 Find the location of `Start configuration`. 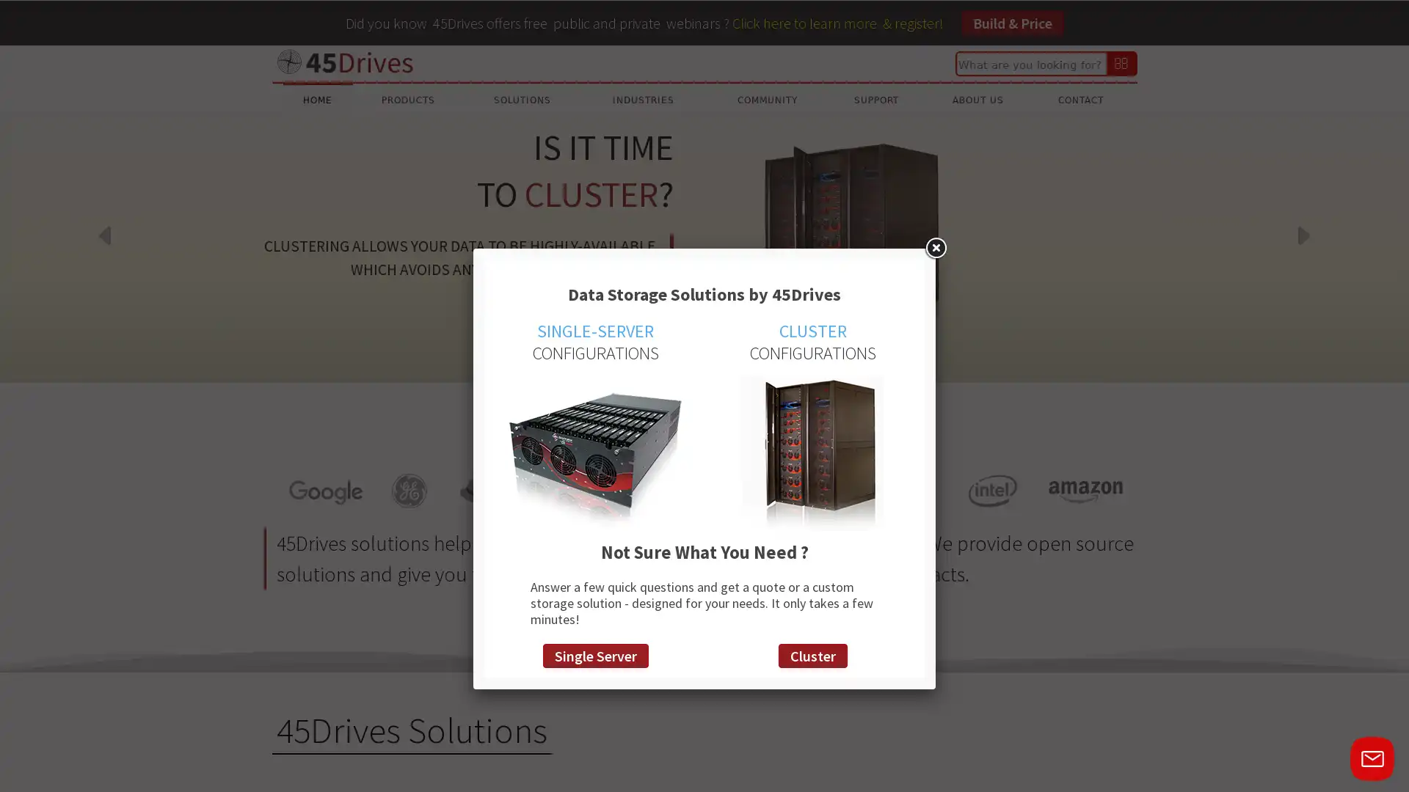

Start configuration is located at coordinates (743, 363).